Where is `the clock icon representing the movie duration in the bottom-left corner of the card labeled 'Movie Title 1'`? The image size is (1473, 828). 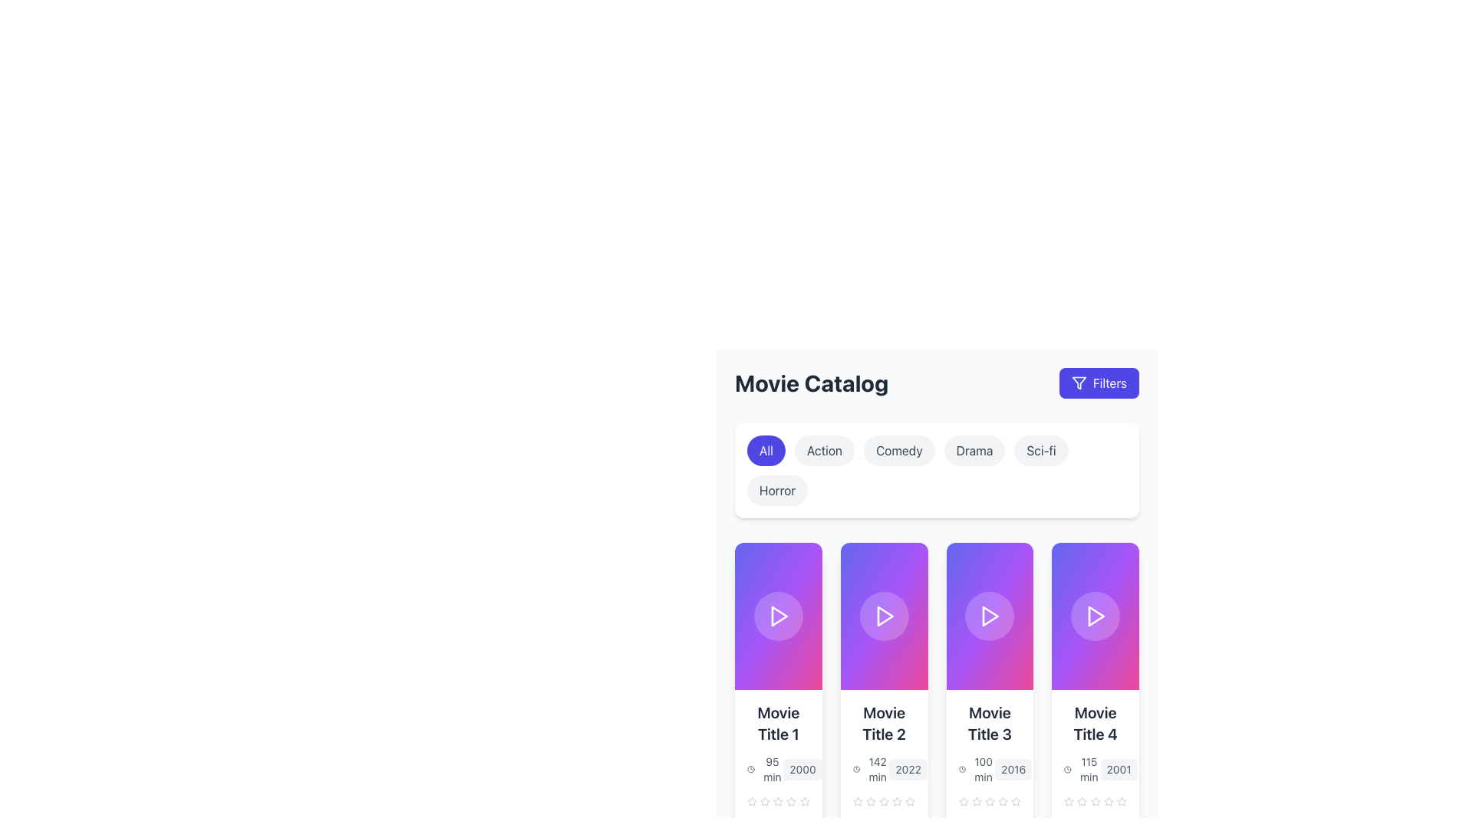
the clock icon representing the movie duration in the bottom-left corner of the card labeled 'Movie Title 1' is located at coordinates (751, 769).